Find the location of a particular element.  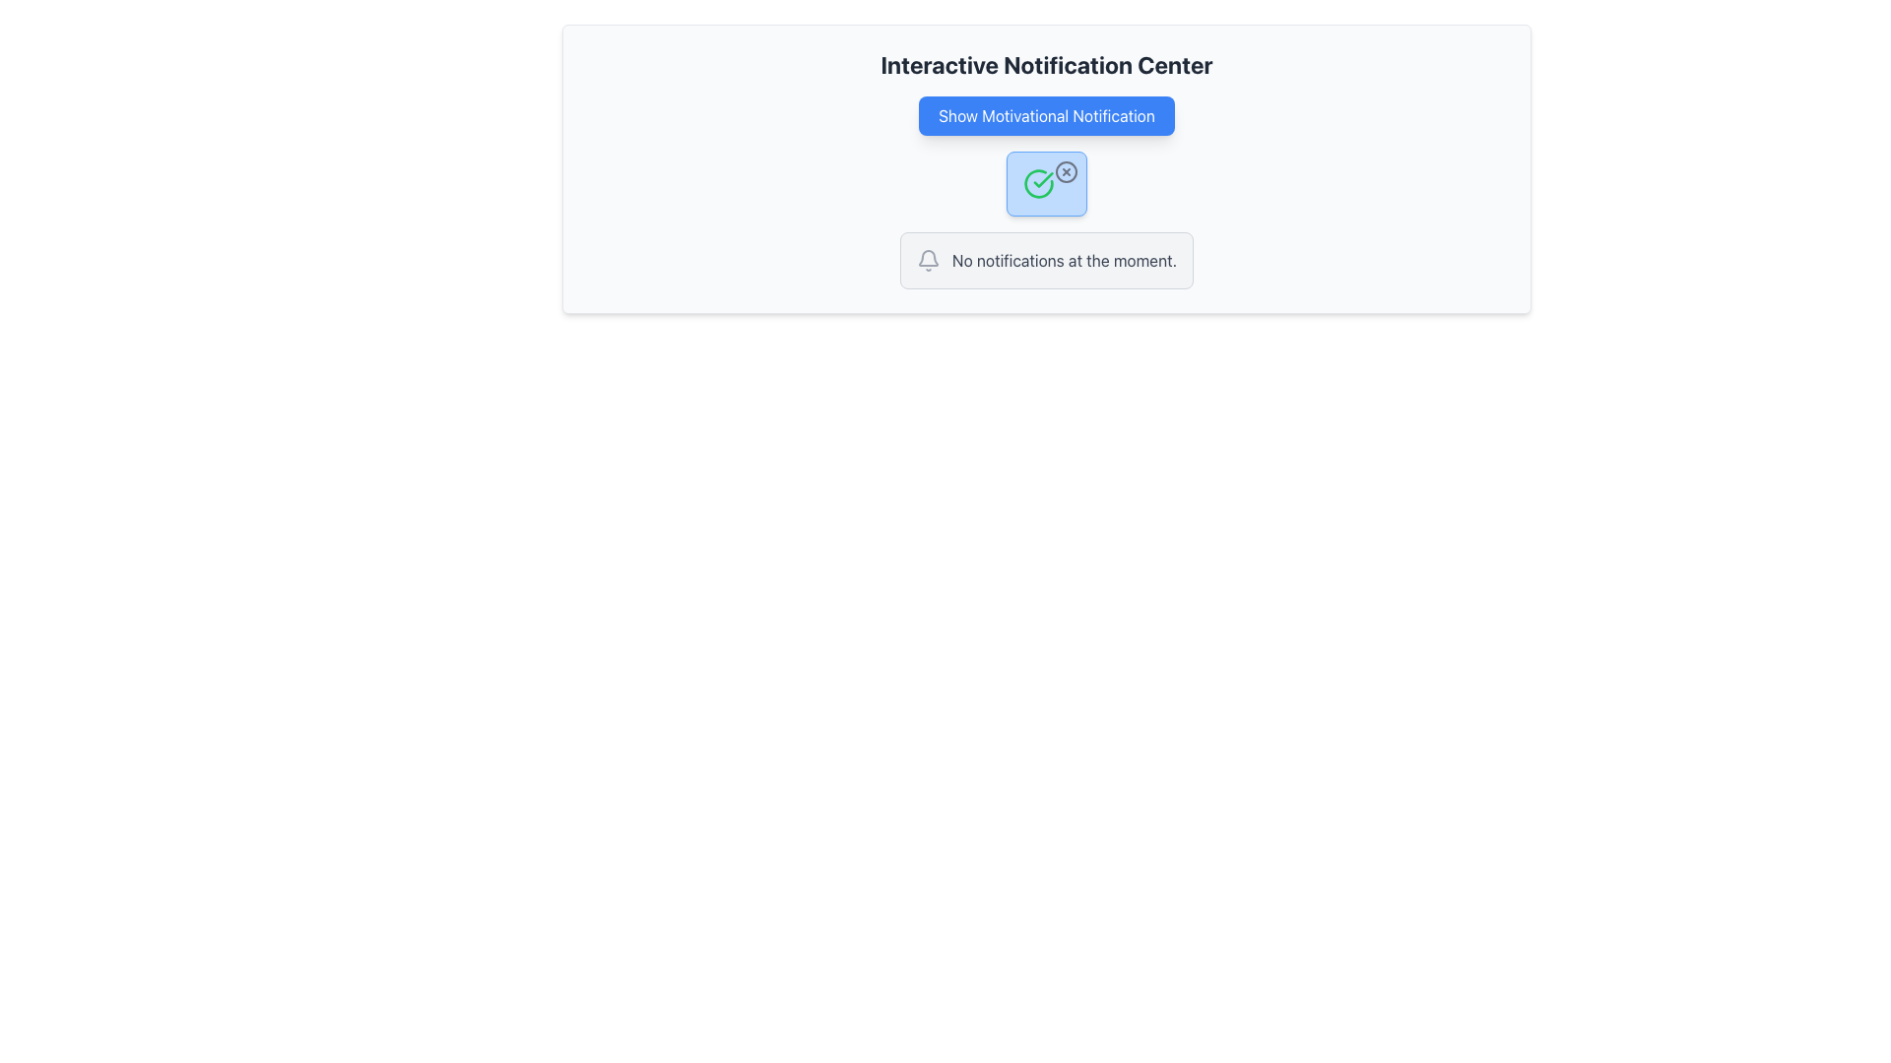

the green checkmark icon within the circular SVG graphic, which indicates a successful or confirmed status is located at coordinates (1042, 179).